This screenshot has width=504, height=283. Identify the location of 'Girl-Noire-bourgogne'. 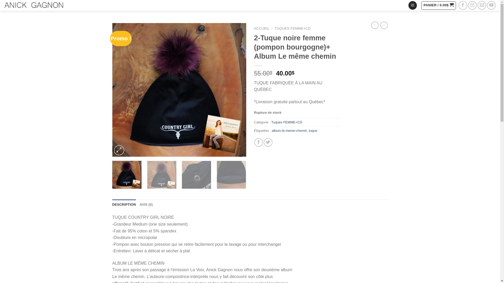
(179, 90).